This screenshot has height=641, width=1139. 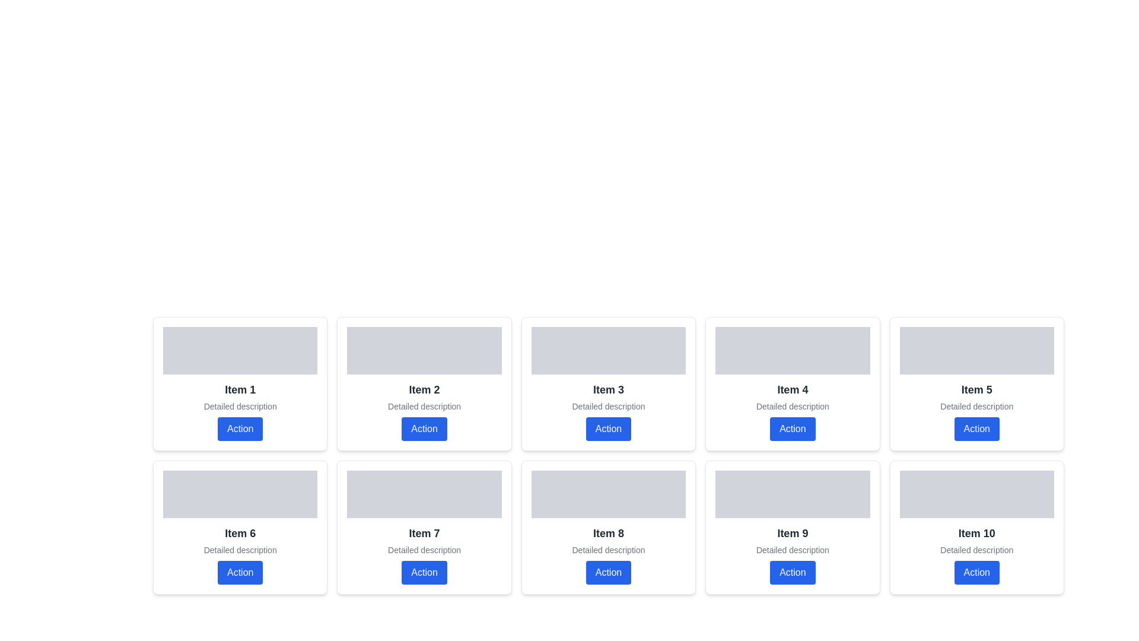 I want to click on the button located at the bottom of the card labeled 'Item 5', positioned below the description text 'Detailed description', so click(x=976, y=429).